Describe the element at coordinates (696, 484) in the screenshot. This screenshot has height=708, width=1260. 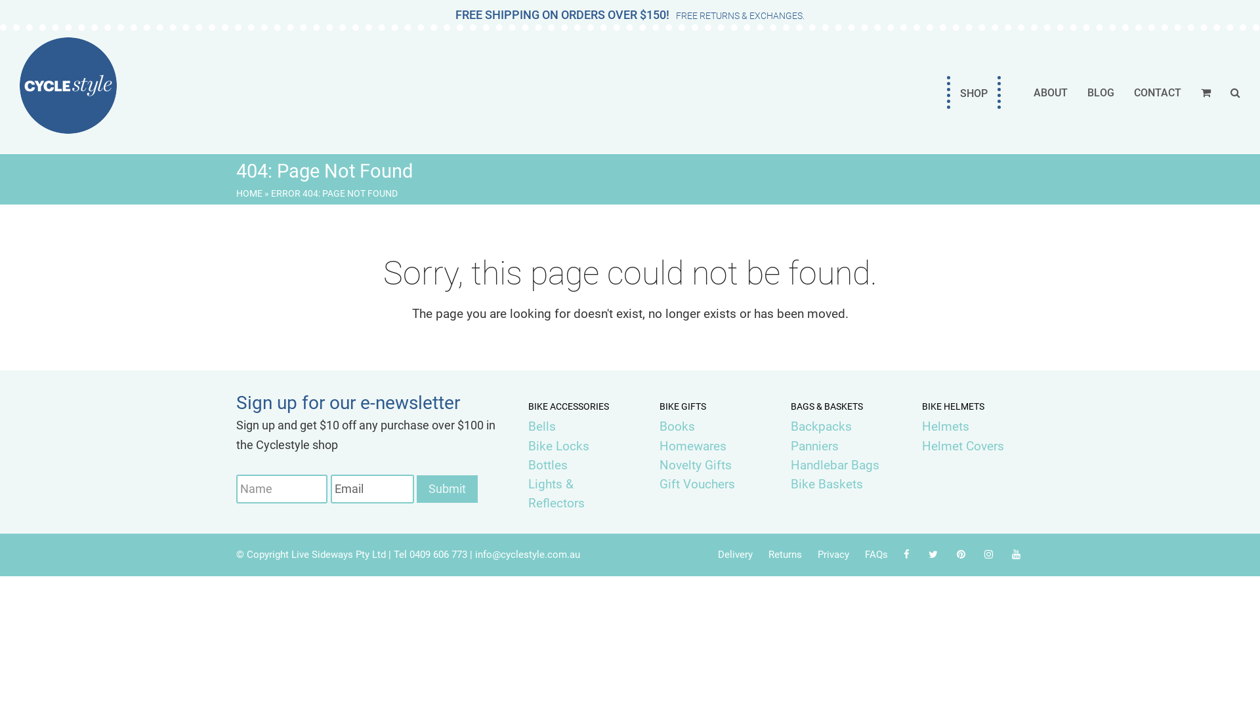
I see `'Gift Vouchers'` at that location.